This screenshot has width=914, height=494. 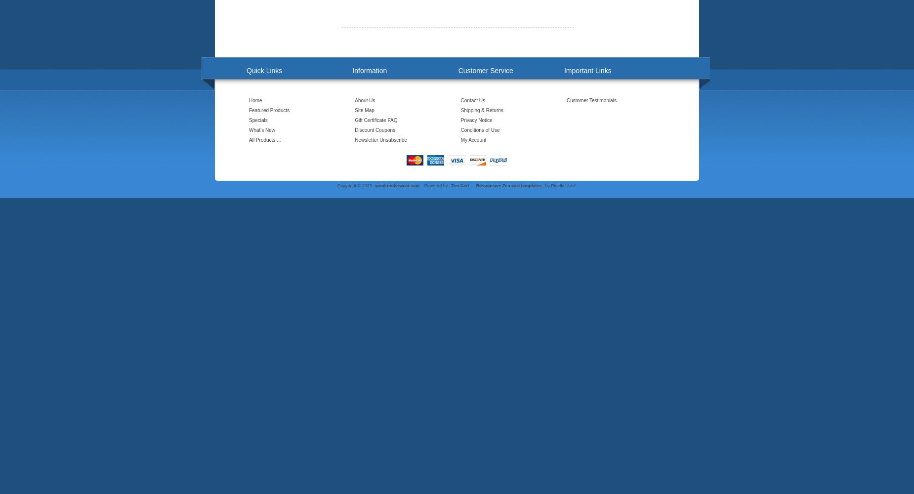 I want to click on 'About Us', so click(x=365, y=100).